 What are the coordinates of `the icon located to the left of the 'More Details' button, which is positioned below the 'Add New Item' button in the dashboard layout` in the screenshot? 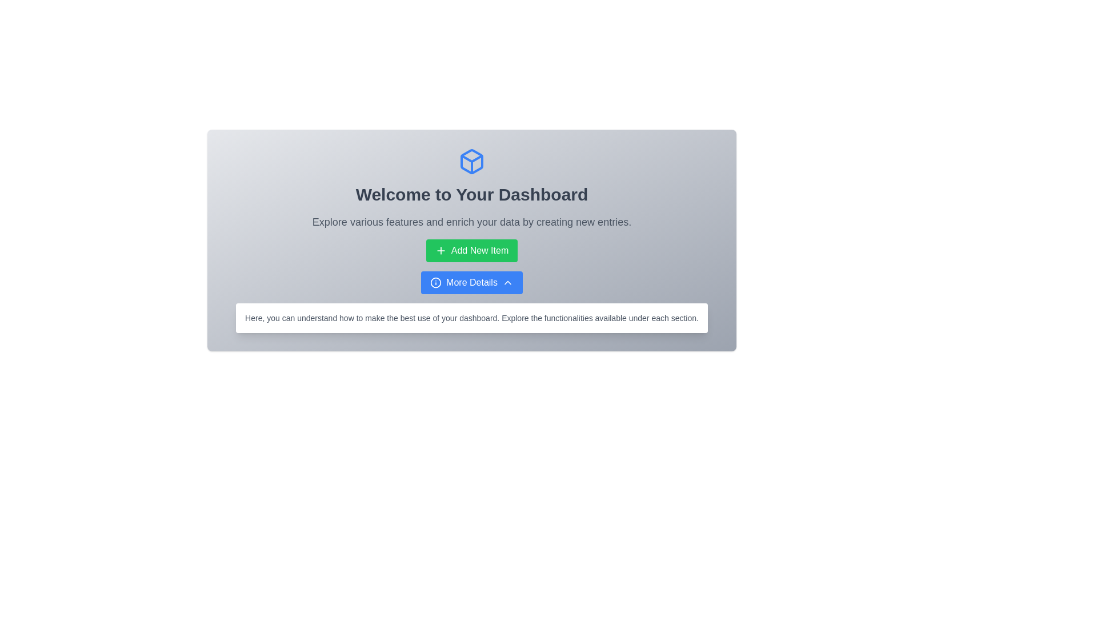 It's located at (435, 282).